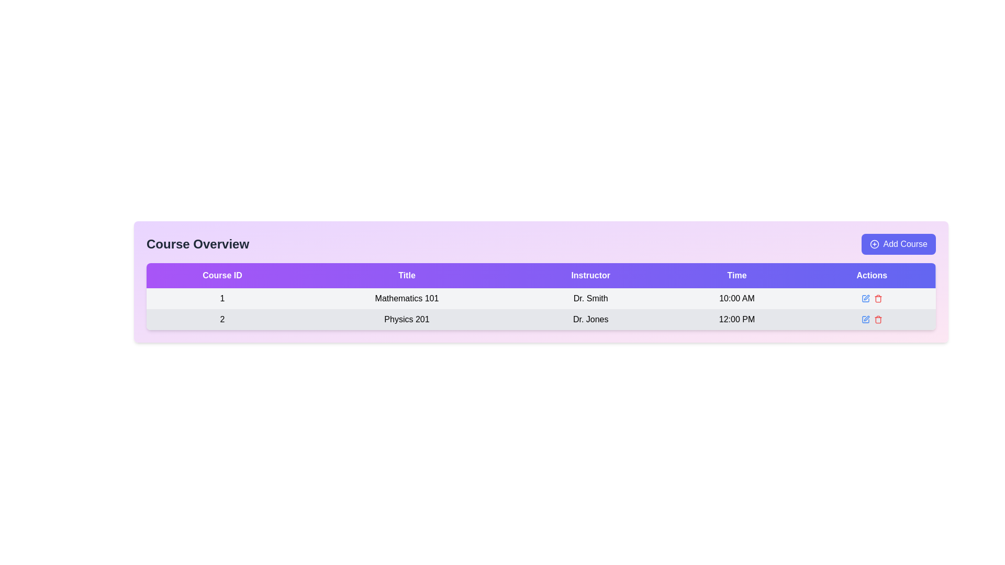  Describe the element at coordinates (878, 319) in the screenshot. I see `the Trash Bin icon located in the last cell of the 'Actions' column in the second row of the table` at that location.